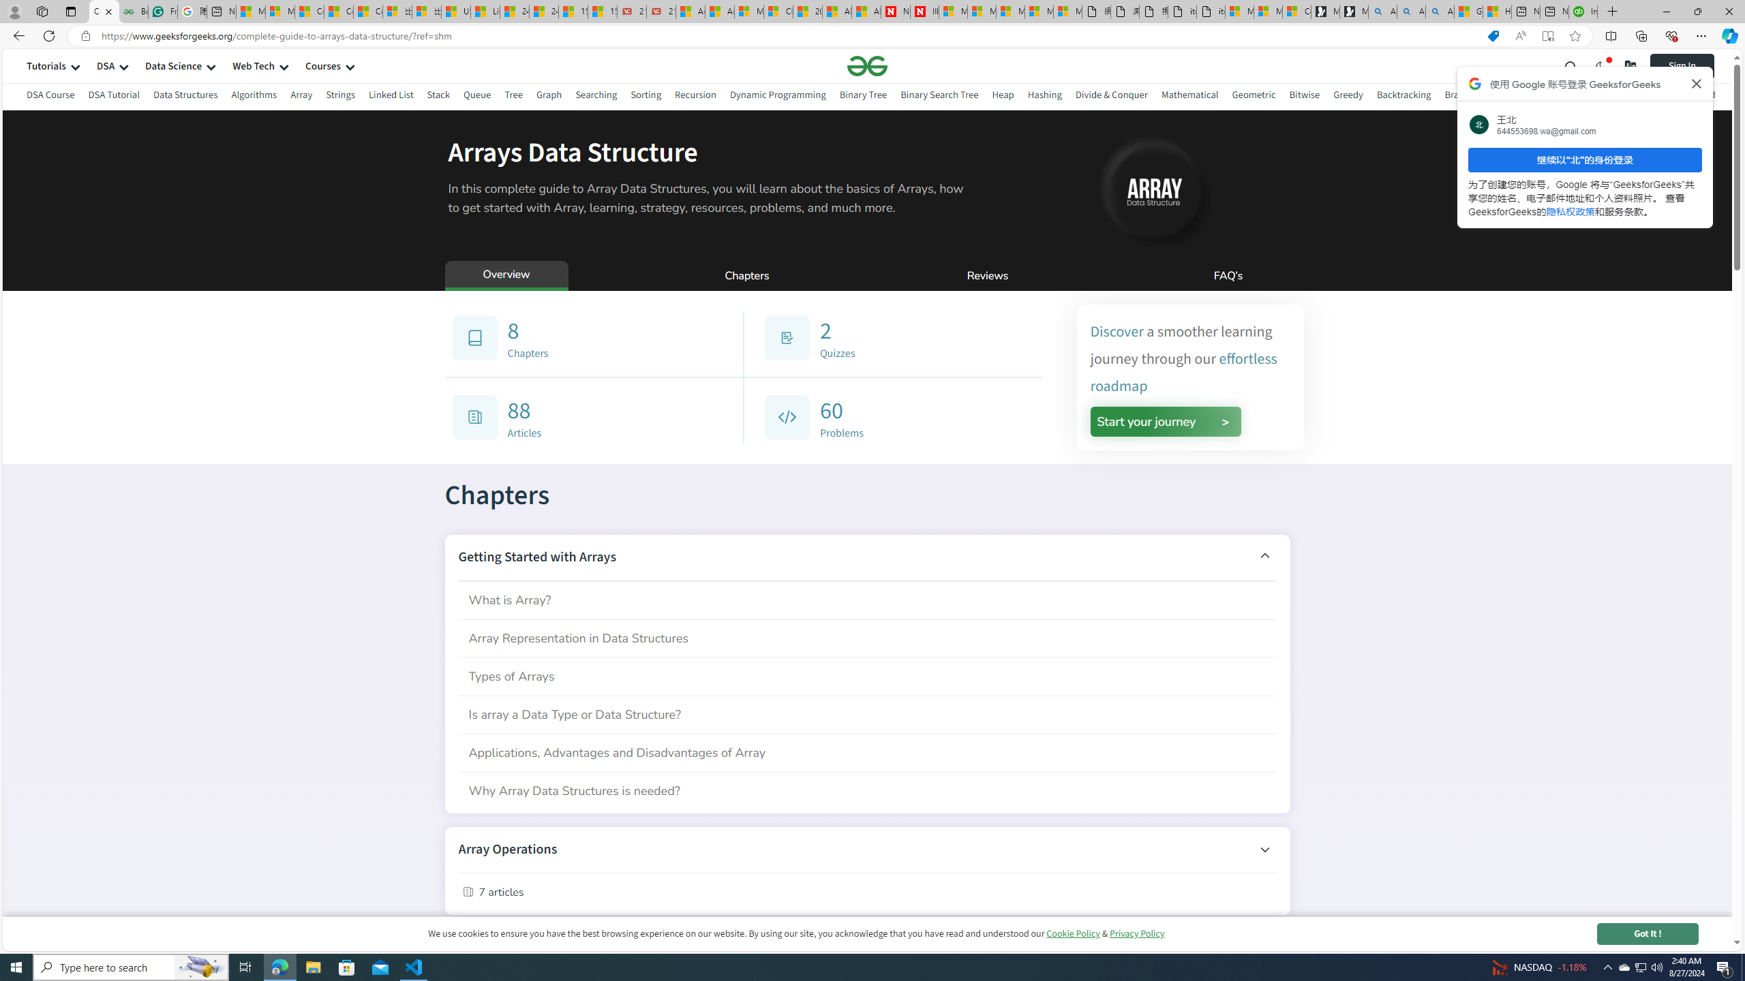  Describe the element at coordinates (339, 96) in the screenshot. I see `'Strings'` at that location.